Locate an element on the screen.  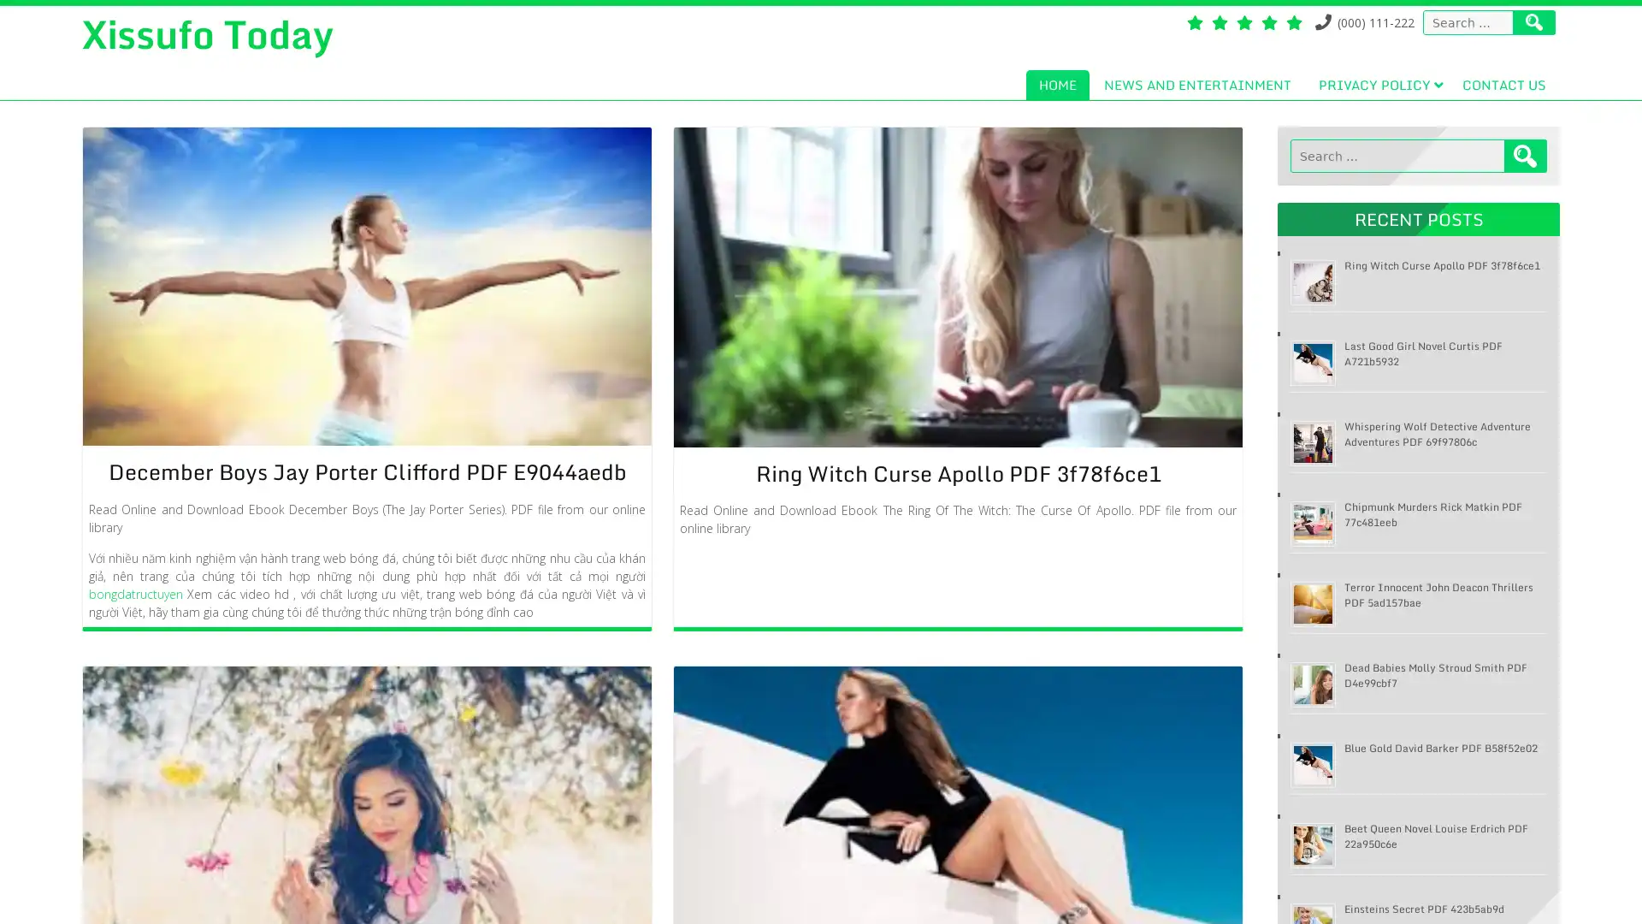
Search is located at coordinates (1526, 156).